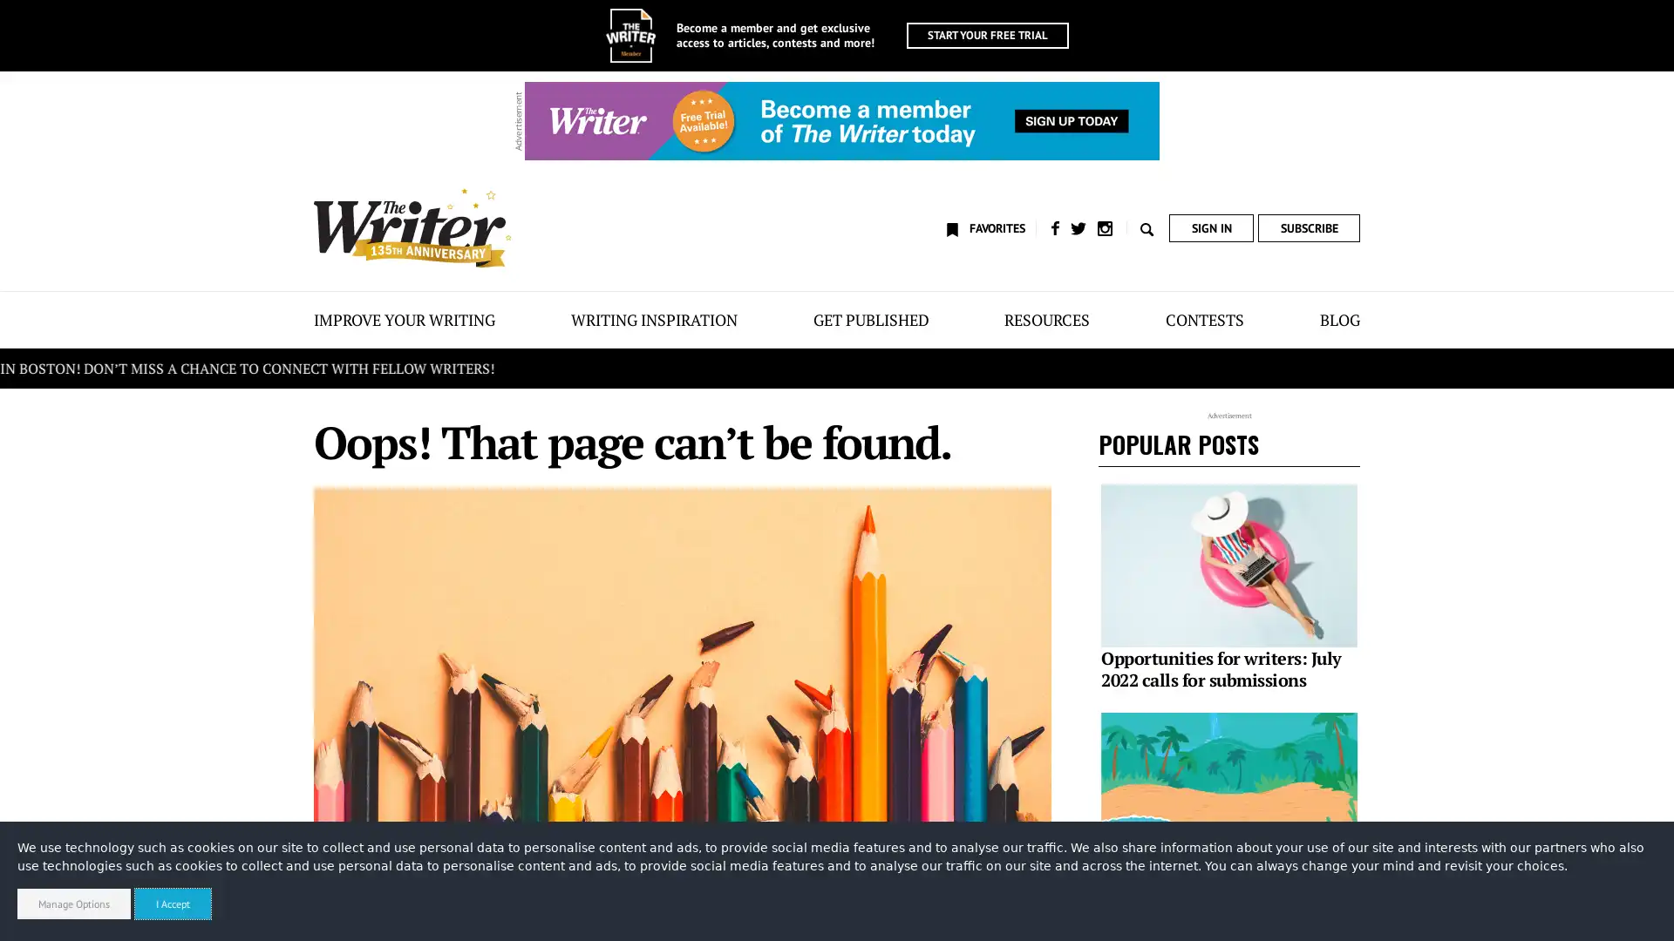 This screenshot has width=1674, height=941. What do you see at coordinates (1143, 227) in the screenshot?
I see `Toggle search form` at bounding box center [1143, 227].